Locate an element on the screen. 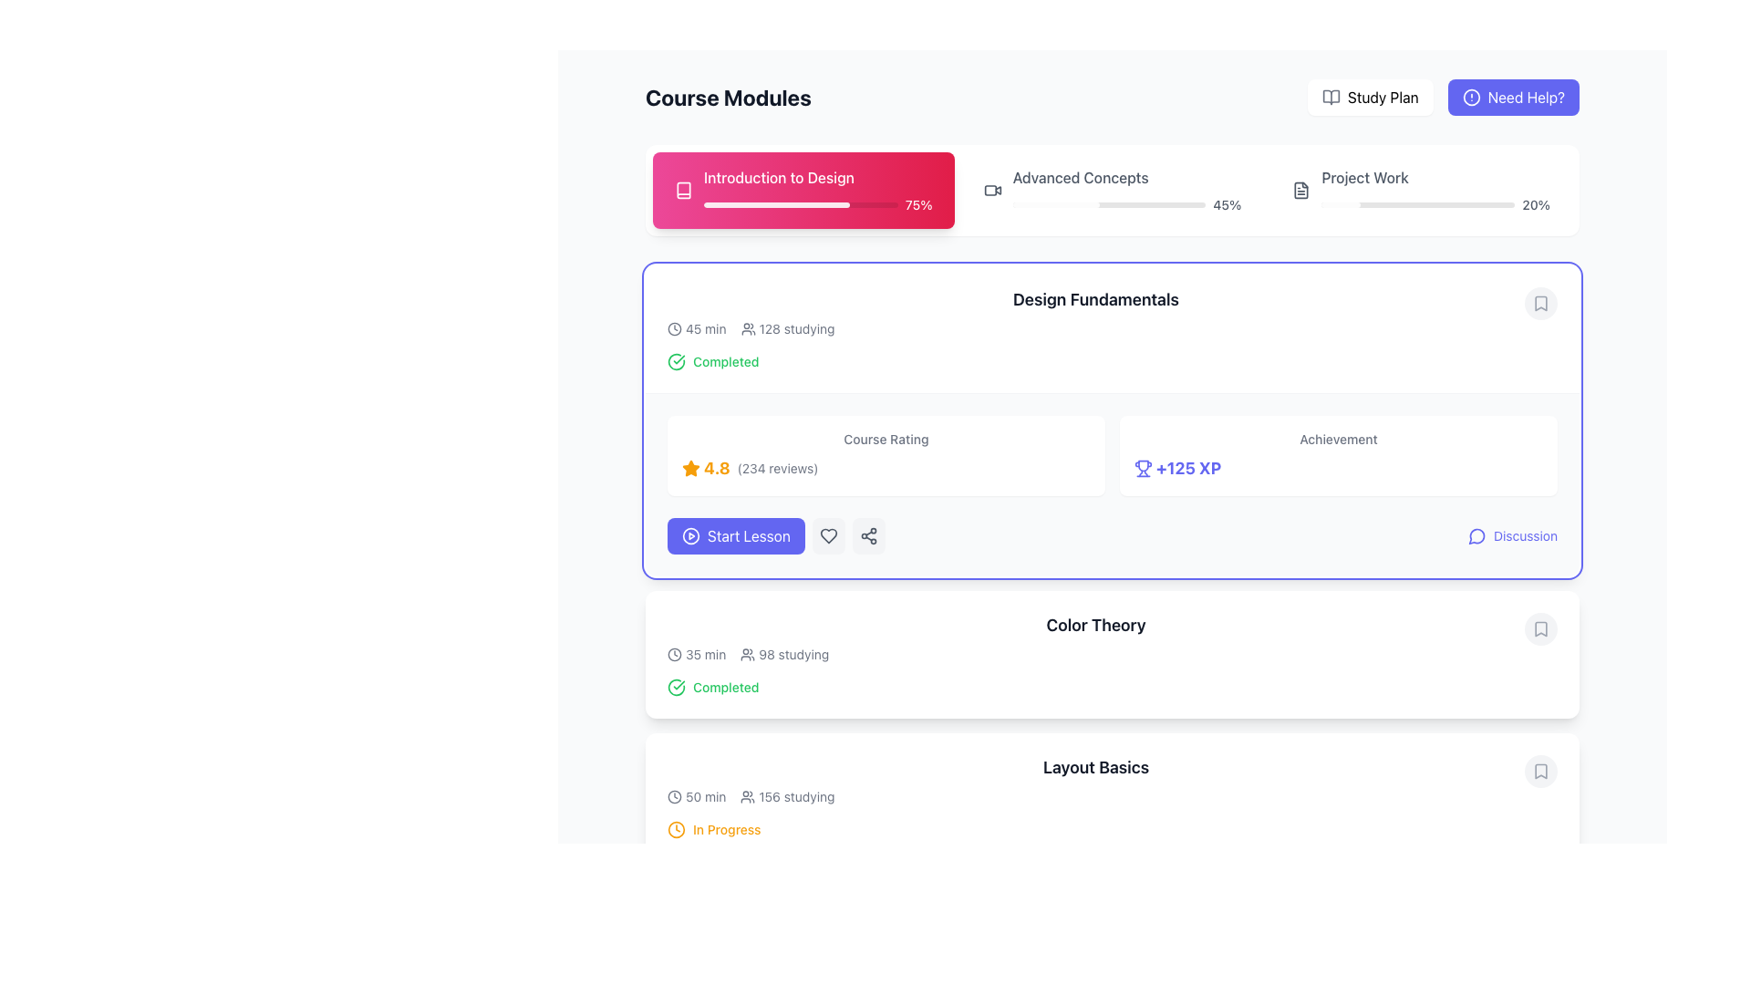  the bold textual indication of the number '4.8', styled in an orange-yellowish hue, which is positioned horizontally between a star icon and the text '(234 reviews)' in the 'Design Fundamentals' module is located at coordinates (716, 467).